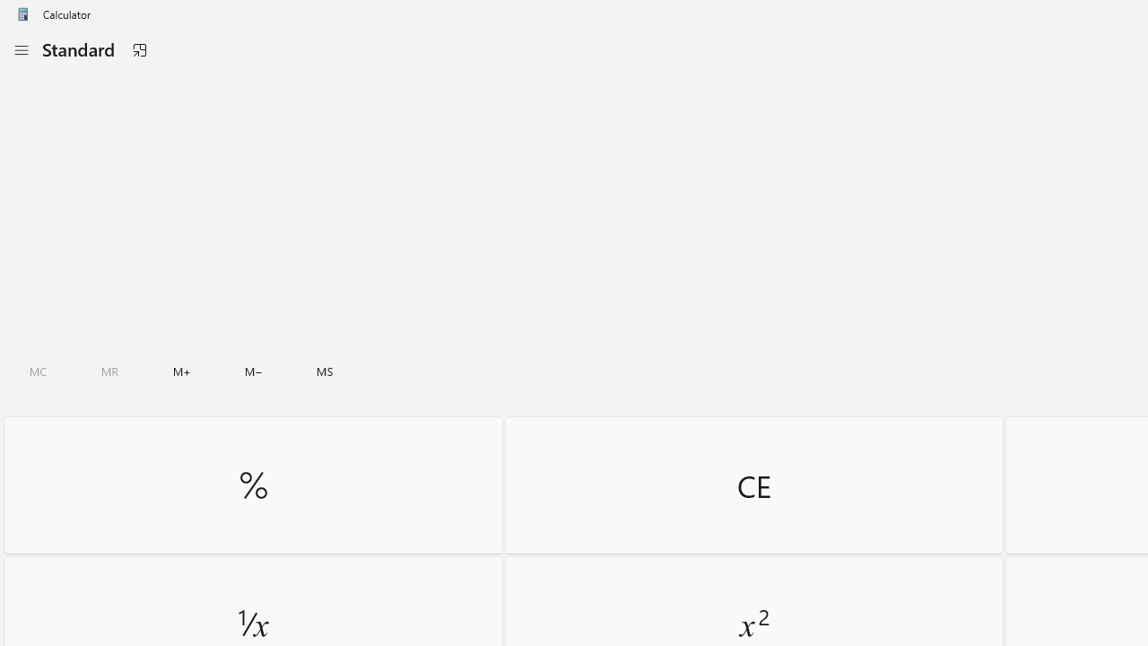 The image size is (1148, 646). Describe the element at coordinates (252, 484) in the screenshot. I see `'Percent'` at that location.